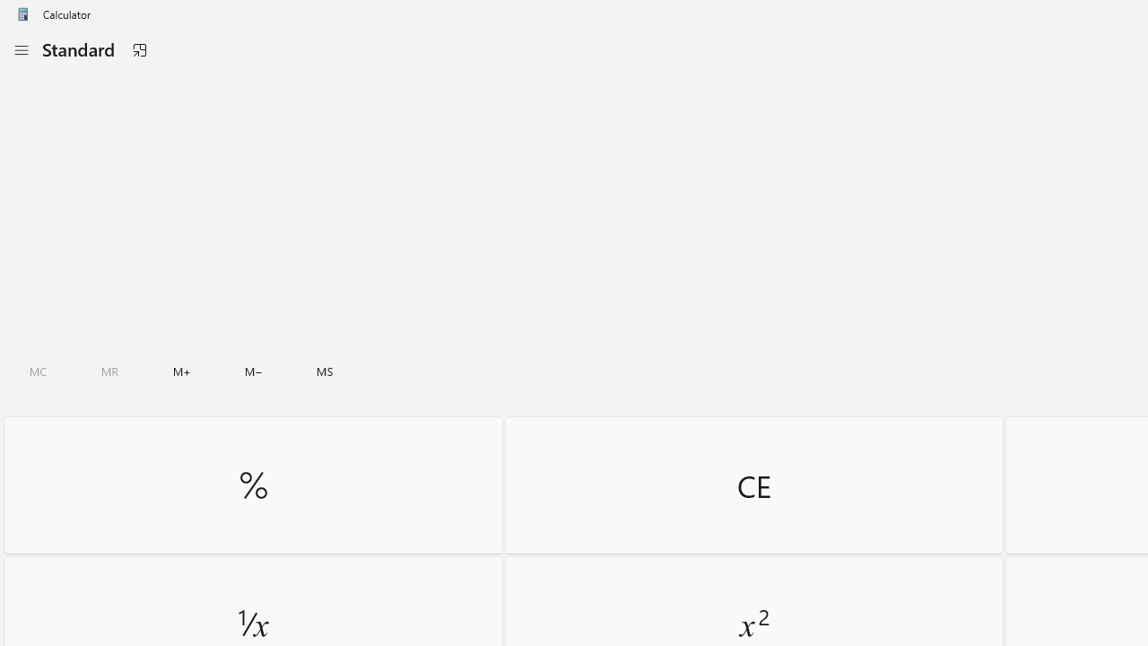 The image size is (1148, 646). Describe the element at coordinates (252, 484) in the screenshot. I see `'Percent'` at that location.